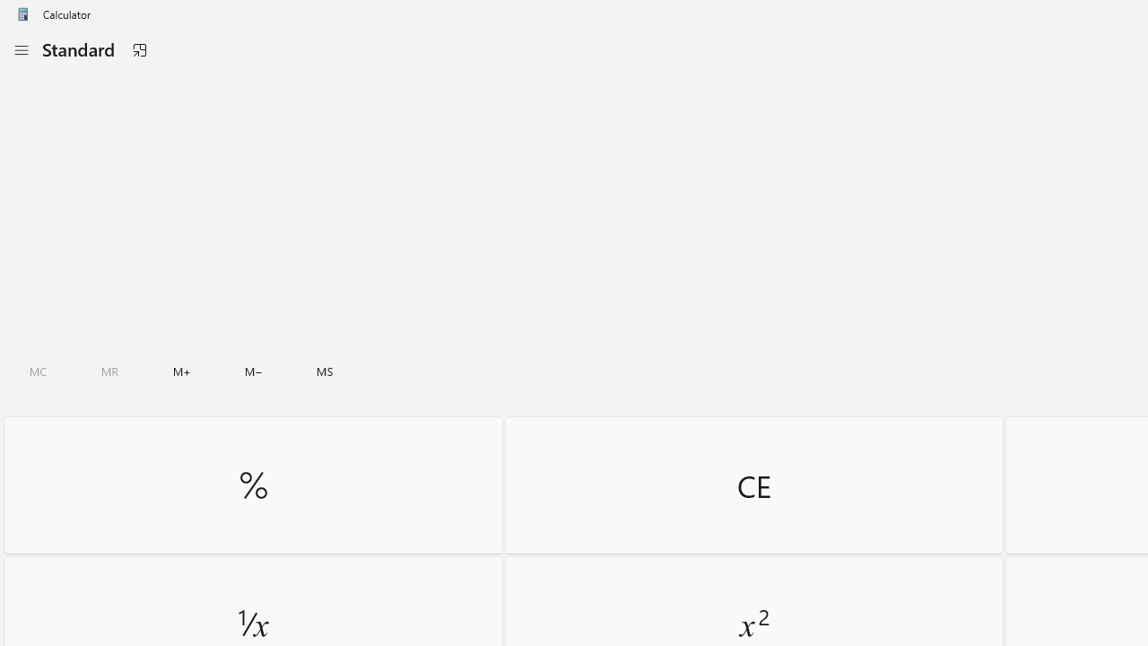 The image size is (1148, 646). Describe the element at coordinates (252, 484) in the screenshot. I see `'Percent'` at that location.